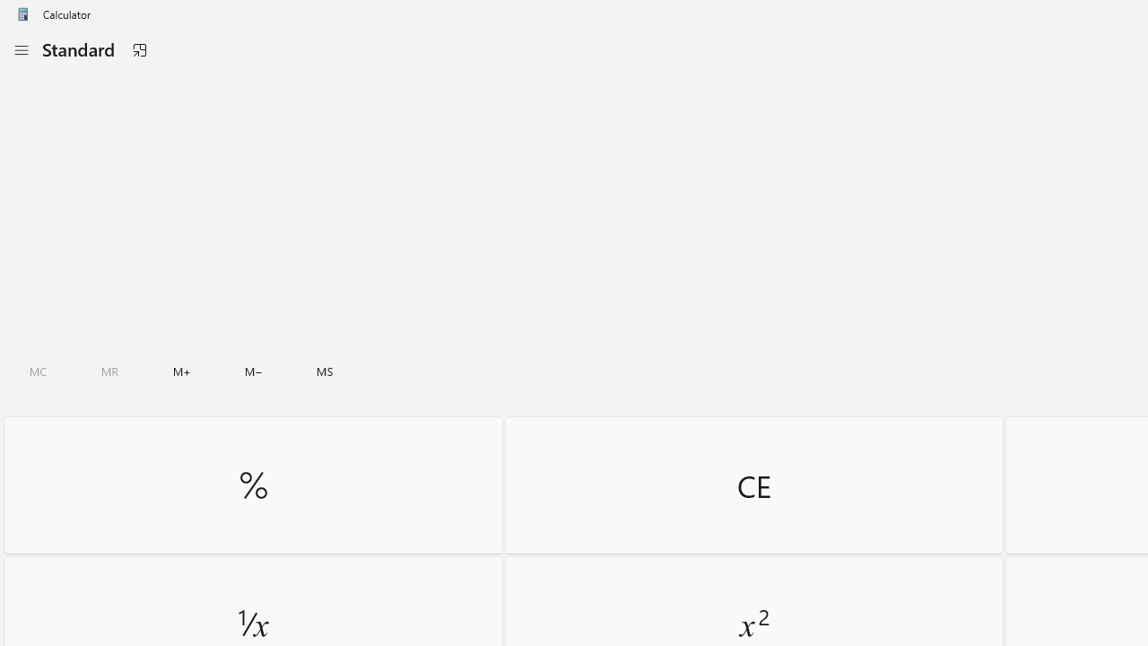 The image size is (1148, 646). Describe the element at coordinates (252, 484) in the screenshot. I see `'Percent'` at that location.